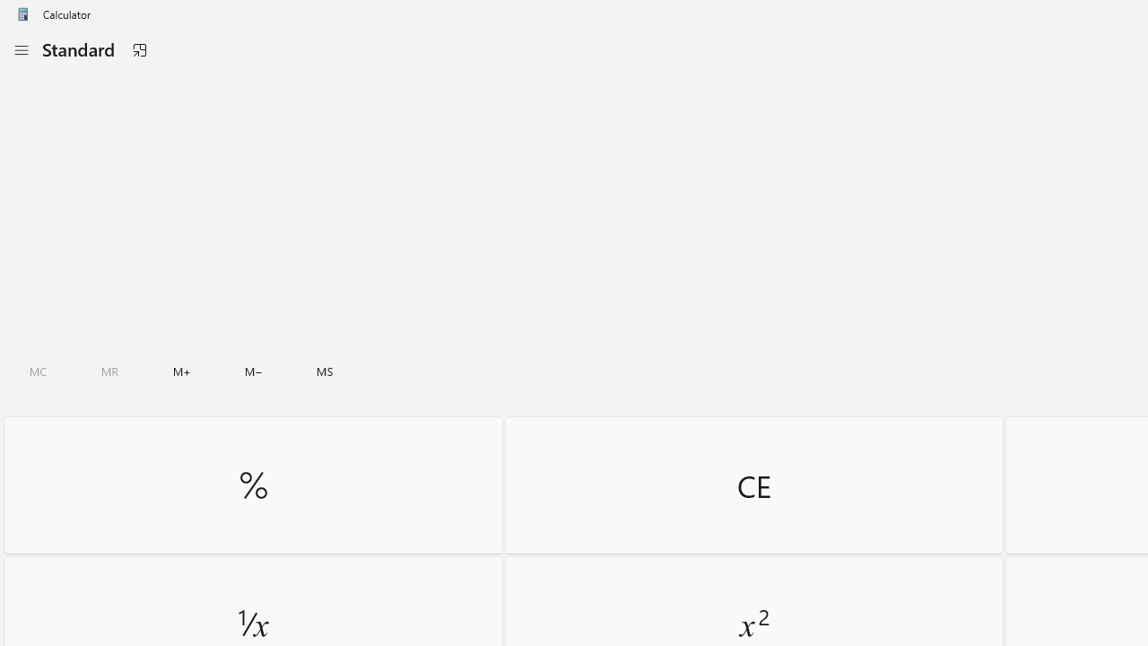 The image size is (1148, 646). Describe the element at coordinates (252, 484) in the screenshot. I see `'Percent'` at that location.